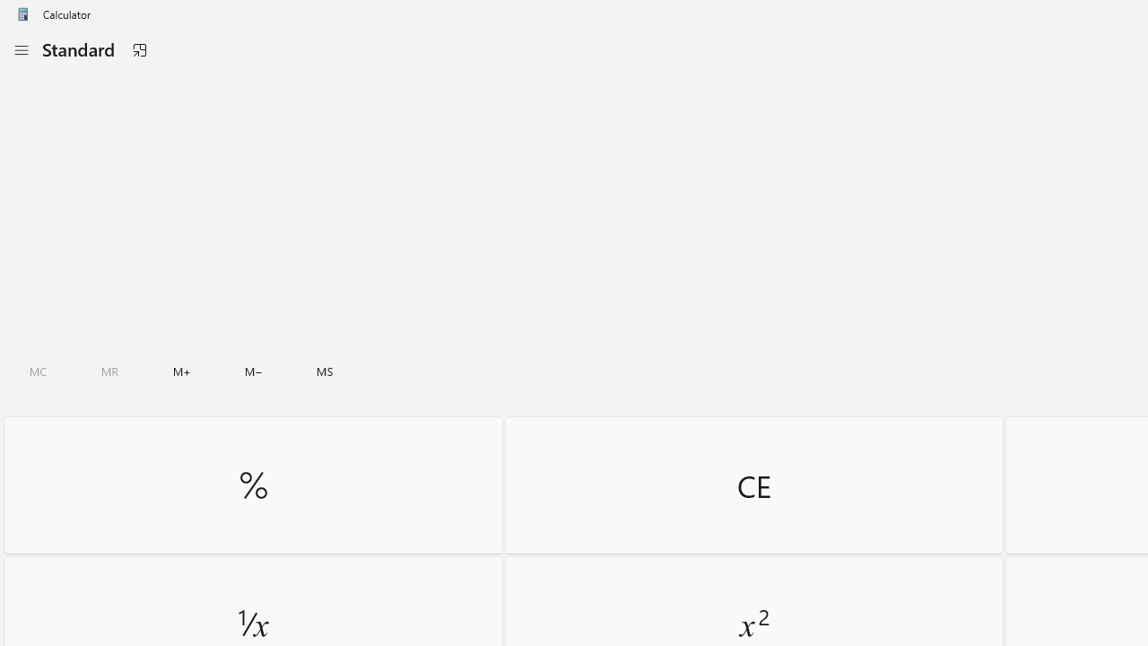 The image size is (1148, 646). Describe the element at coordinates (252, 484) in the screenshot. I see `'Percent'` at that location.